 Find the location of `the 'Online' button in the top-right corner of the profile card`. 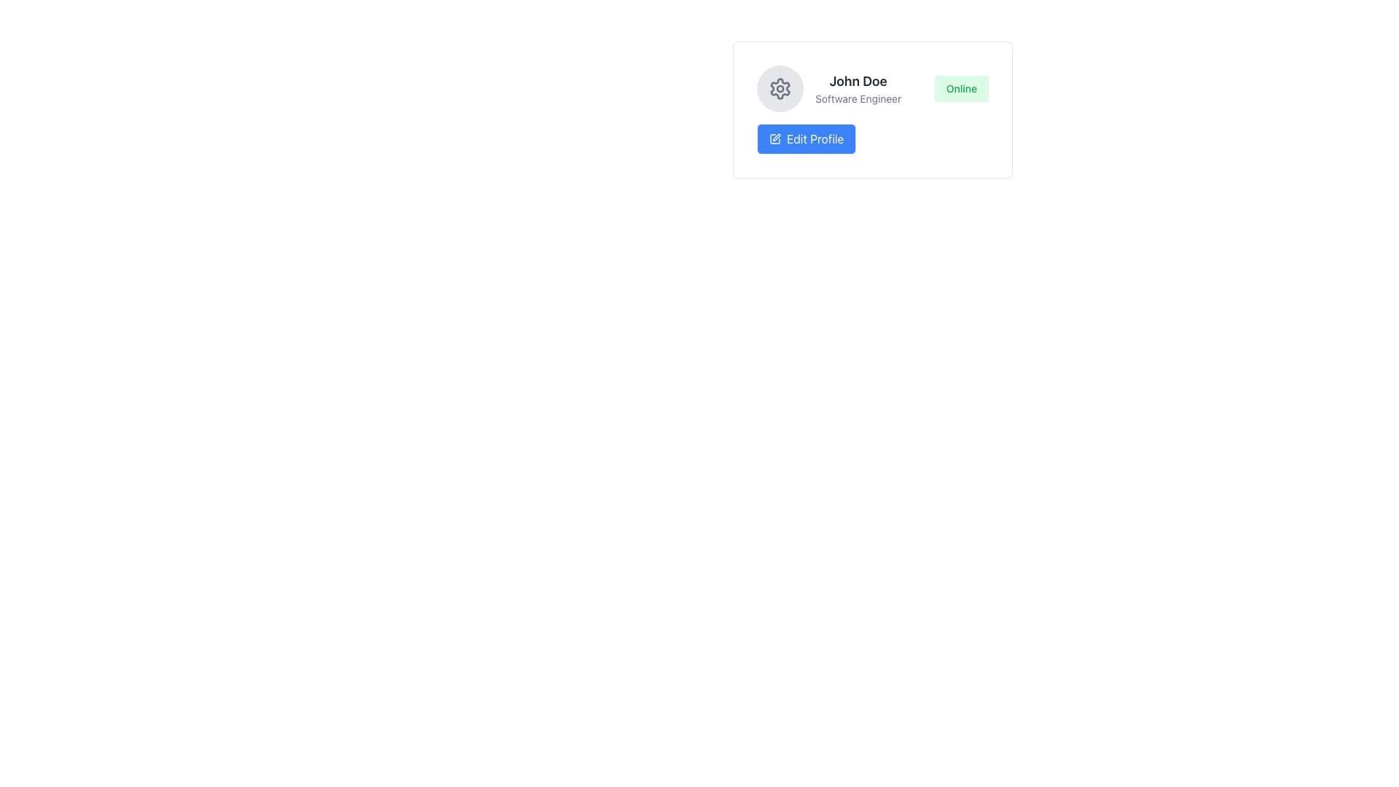

the 'Online' button in the top-right corner of the profile card is located at coordinates (961, 89).